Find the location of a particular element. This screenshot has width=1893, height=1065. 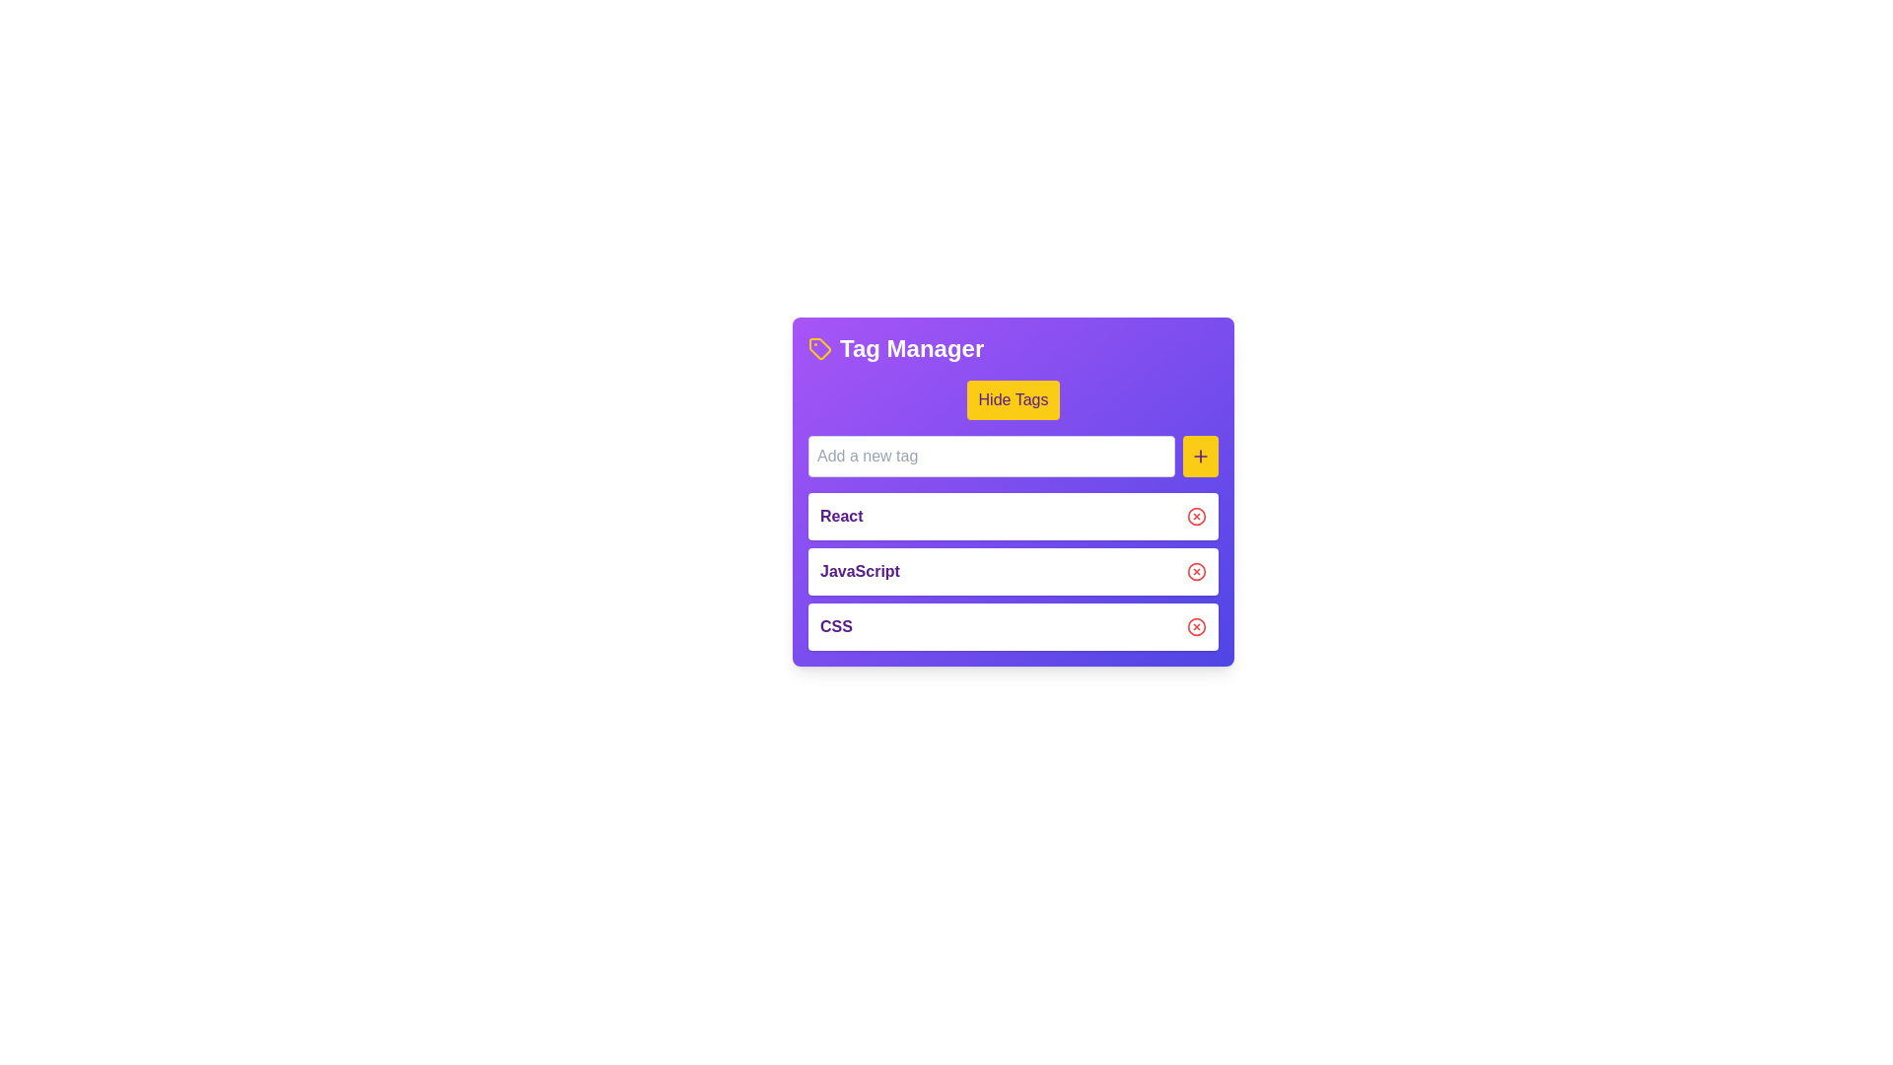

the button that adds a new tag or entry, positioned to the right of the text input field, to observe the hover effect is located at coordinates (1200, 456).